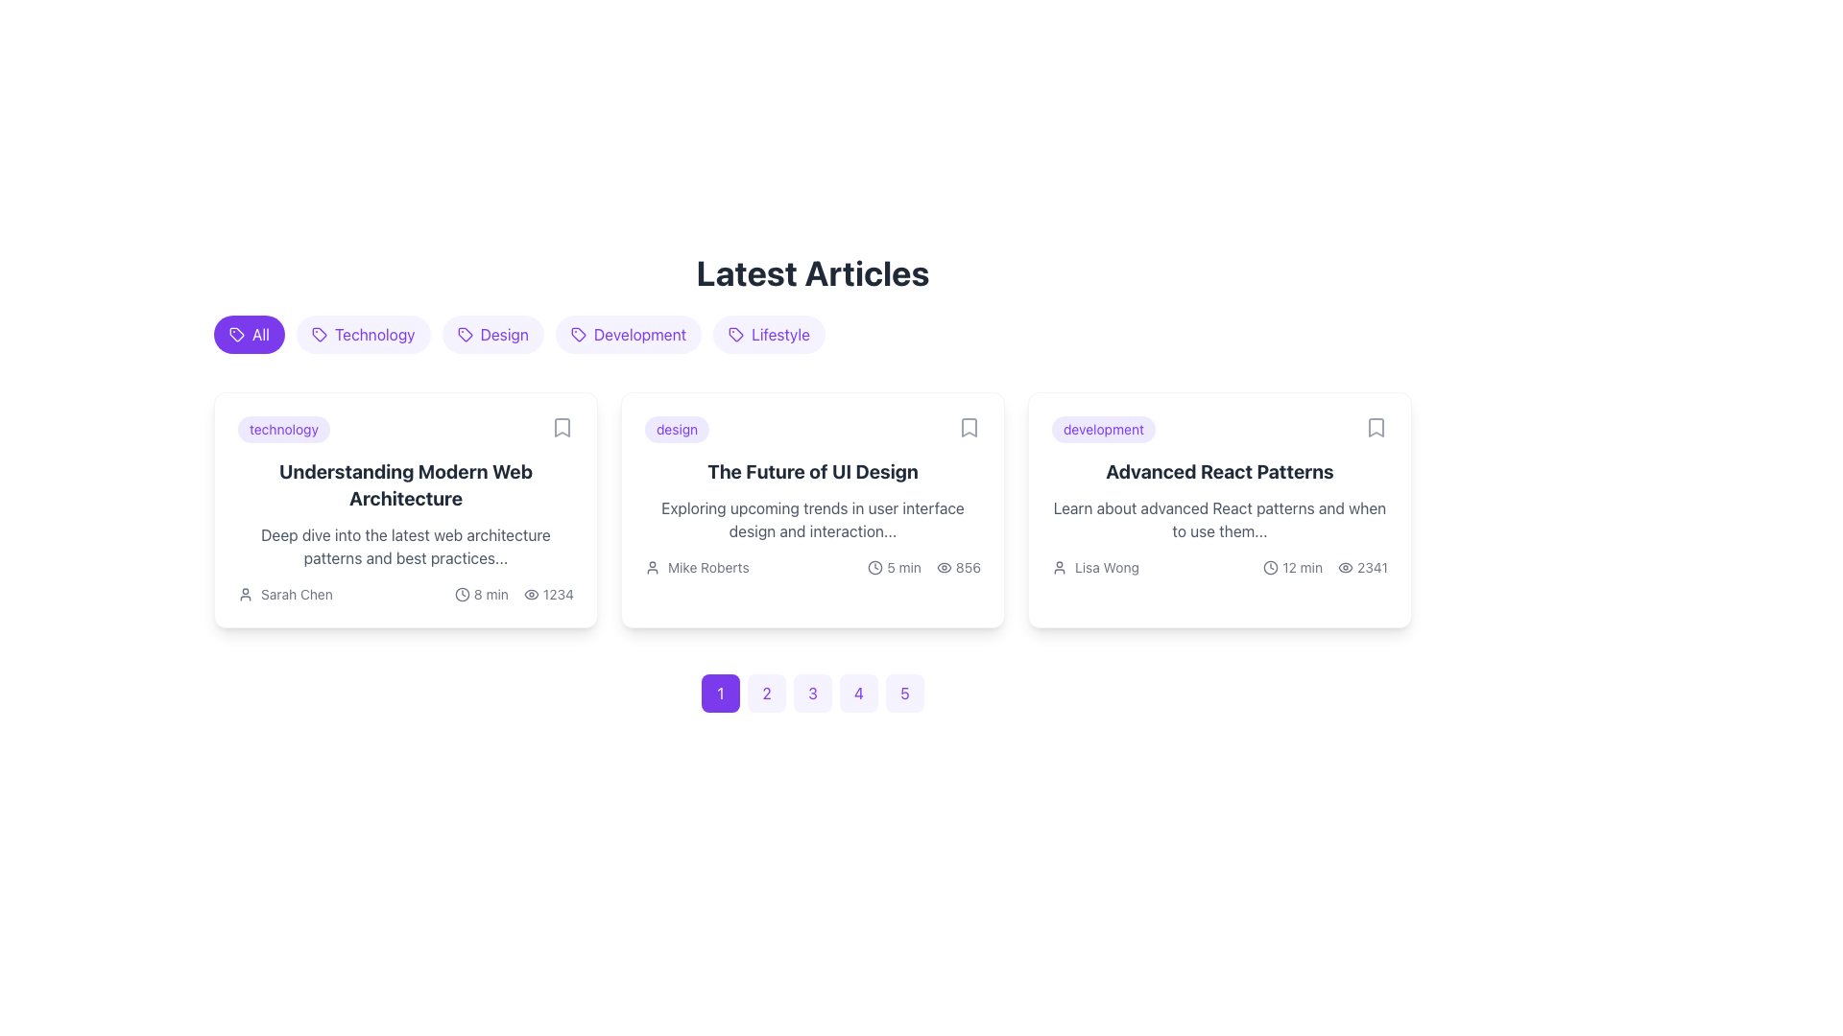 Image resolution: width=1843 pixels, height=1036 pixels. What do you see at coordinates (780, 333) in the screenshot?
I see `the 'Lifestyle' label, which is a purple text label displaying capitalized text and is located on the rightmost side of the horizontal list of category tags under 'Latest Articles'` at bounding box center [780, 333].